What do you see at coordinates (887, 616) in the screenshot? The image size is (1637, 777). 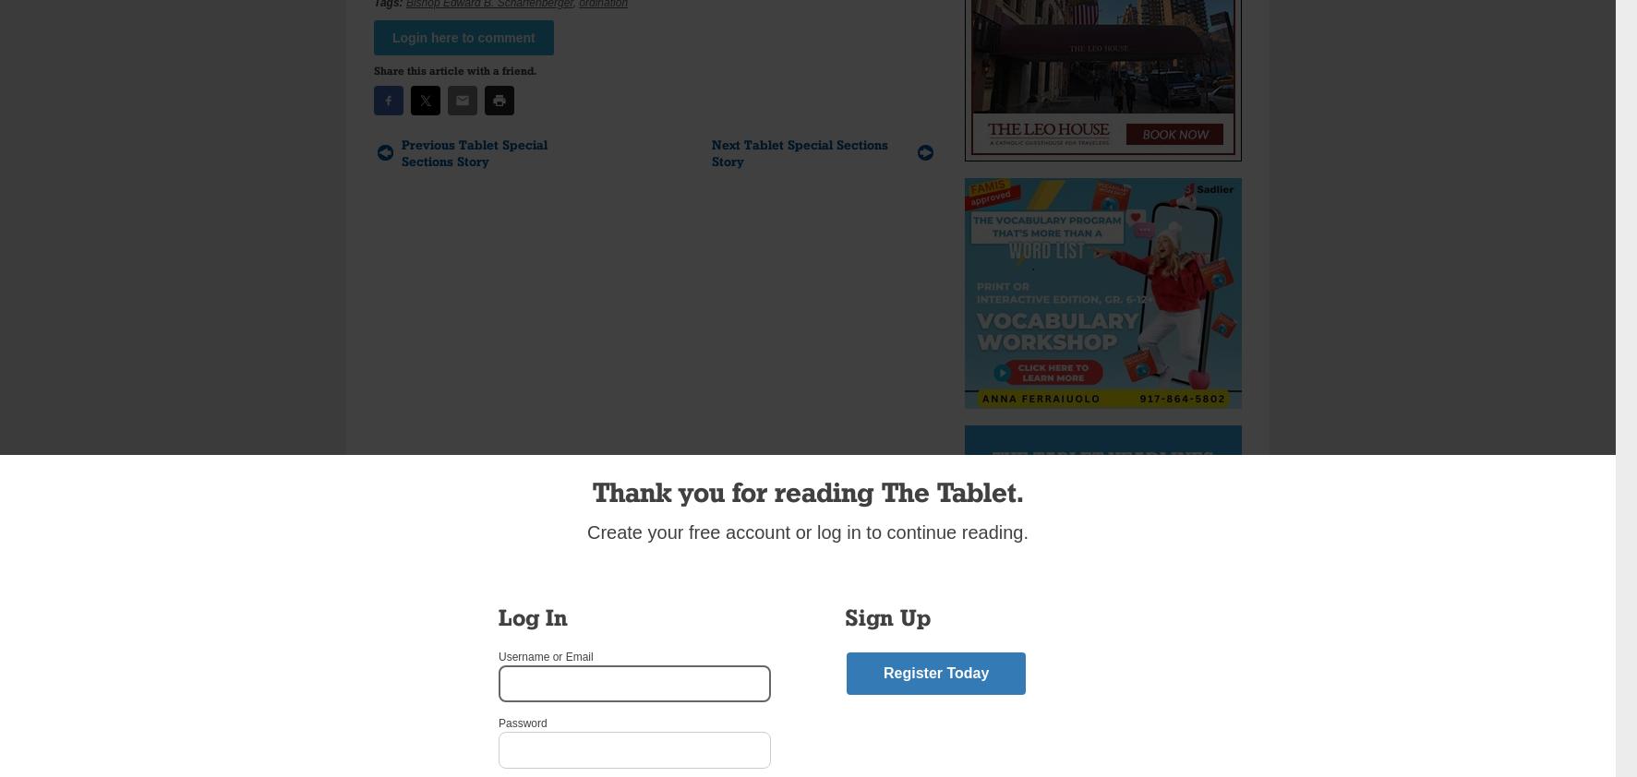 I see `'Sign Up'` at bounding box center [887, 616].